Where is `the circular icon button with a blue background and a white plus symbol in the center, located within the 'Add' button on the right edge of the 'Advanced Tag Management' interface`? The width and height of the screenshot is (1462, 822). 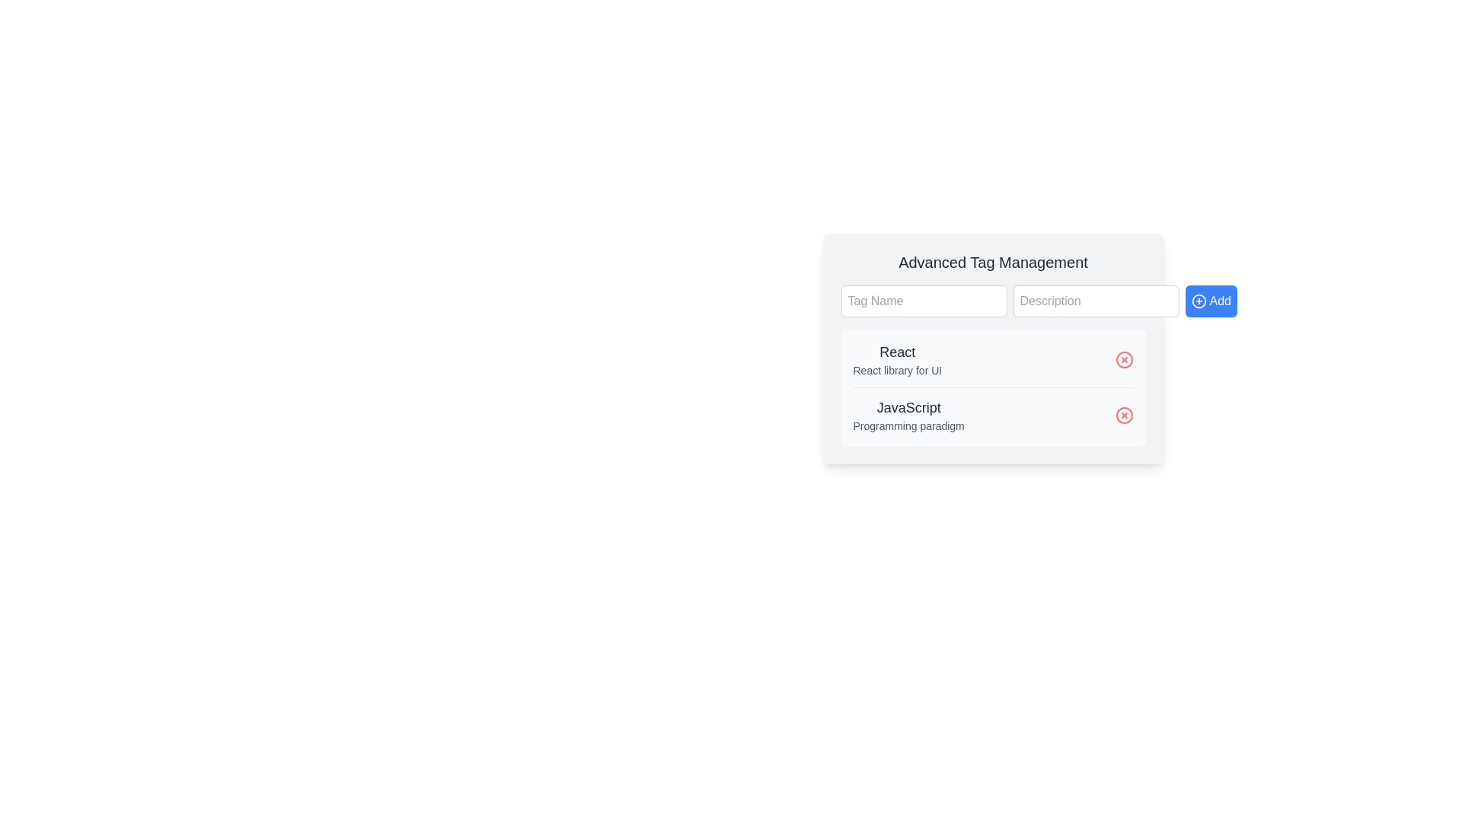
the circular icon button with a blue background and a white plus symbol in the center, located within the 'Add' button on the right edge of the 'Advanced Tag Management' interface is located at coordinates (1198, 301).